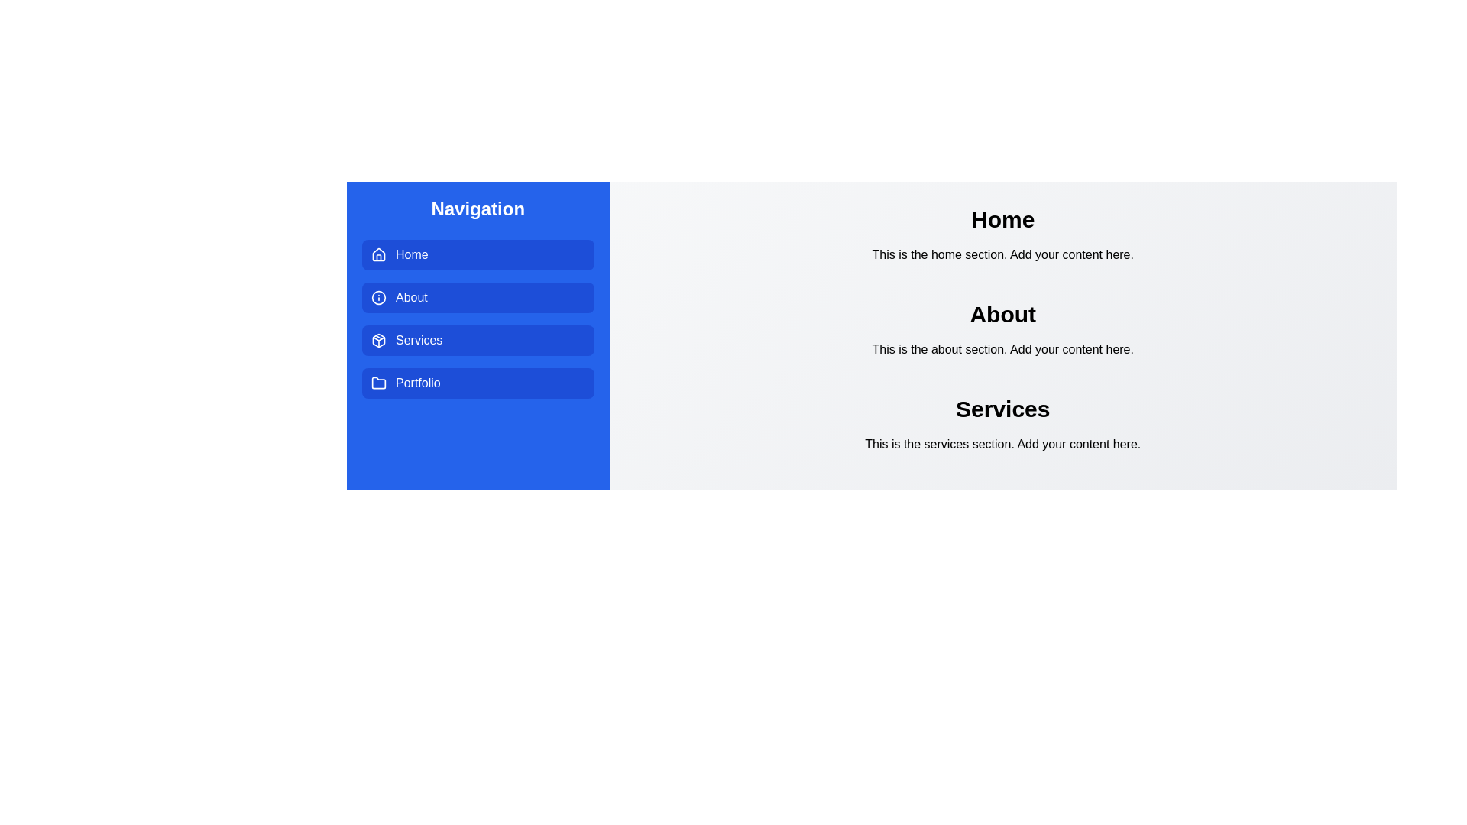 The image size is (1467, 825). I want to click on content from the Text Content Area located in the main content area of the webpage, which is positioned below the 'About' section and above the 'Portfolio' section, so click(1002, 424).